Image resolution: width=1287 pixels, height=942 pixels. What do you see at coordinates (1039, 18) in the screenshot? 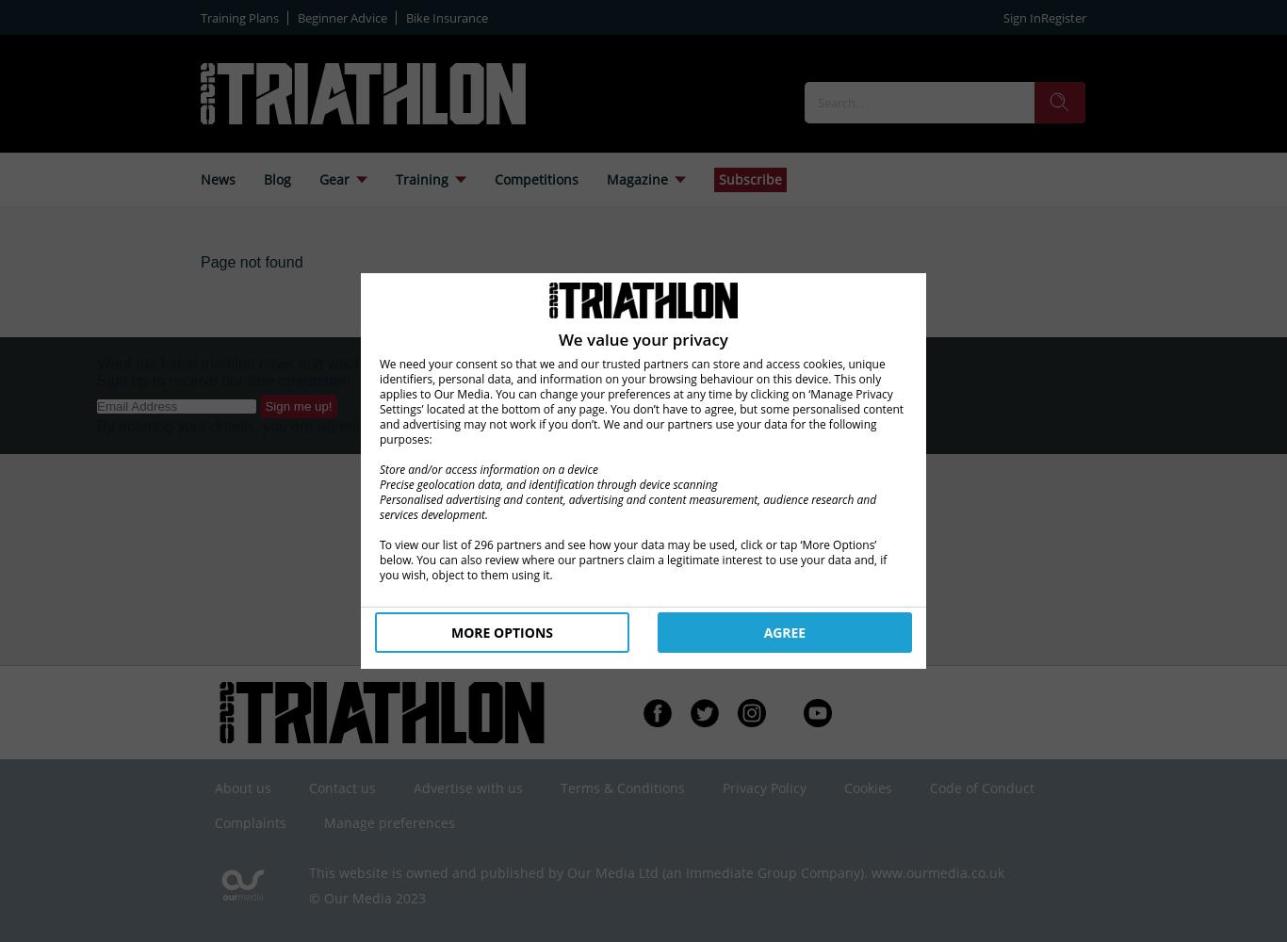
I see `'Register'` at bounding box center [1039, 18].